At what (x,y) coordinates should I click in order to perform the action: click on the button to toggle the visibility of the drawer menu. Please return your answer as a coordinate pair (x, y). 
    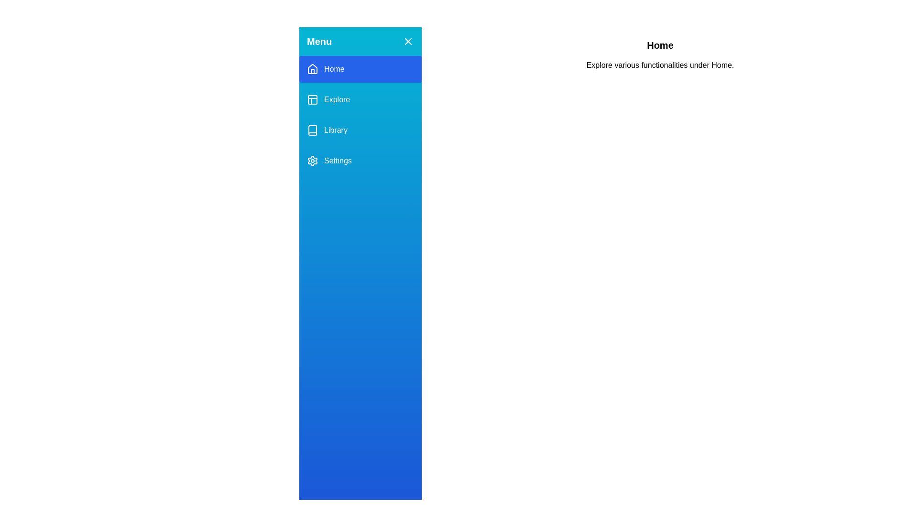
    Looking at the image, I should click on (408, 41).